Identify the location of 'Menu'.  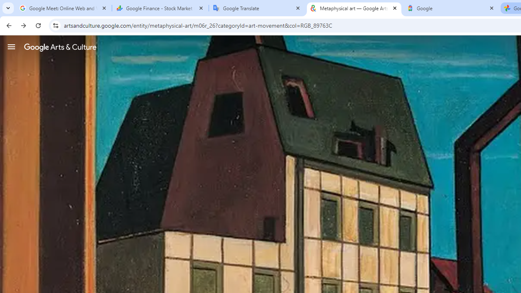
(11, 46).